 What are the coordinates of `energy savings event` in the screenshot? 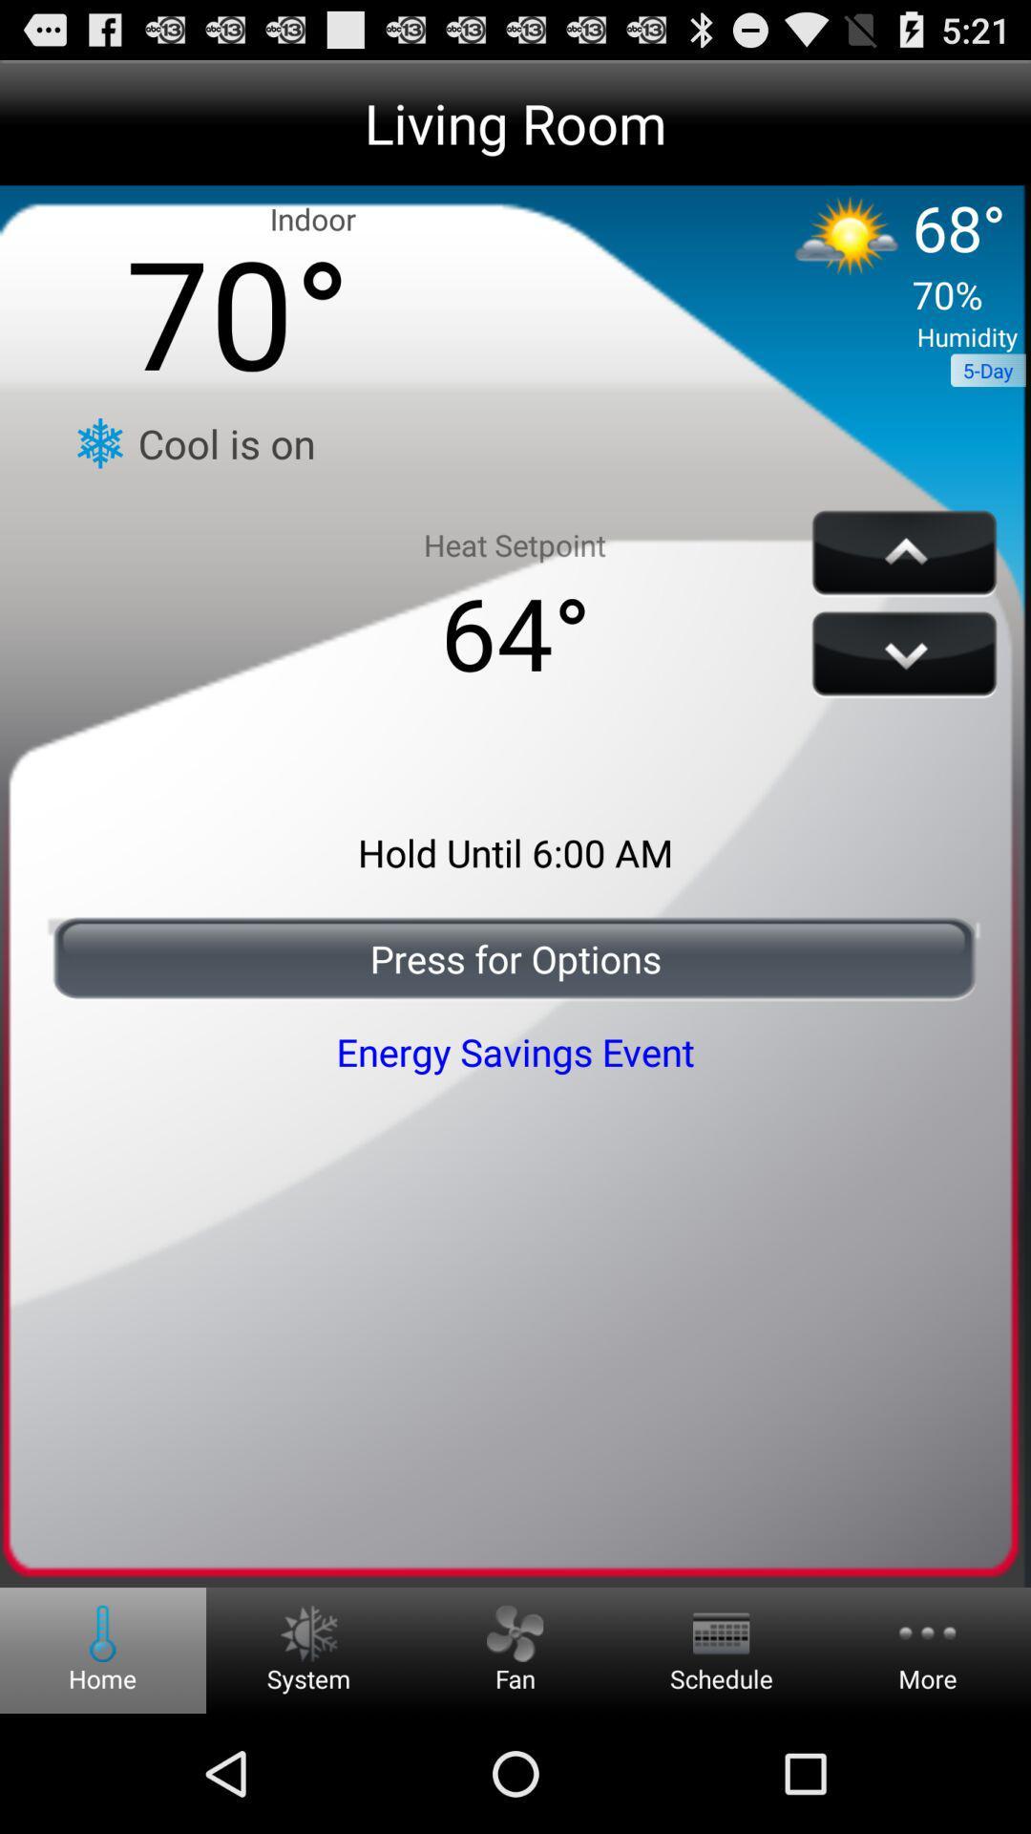 It's located at (515, 1051).